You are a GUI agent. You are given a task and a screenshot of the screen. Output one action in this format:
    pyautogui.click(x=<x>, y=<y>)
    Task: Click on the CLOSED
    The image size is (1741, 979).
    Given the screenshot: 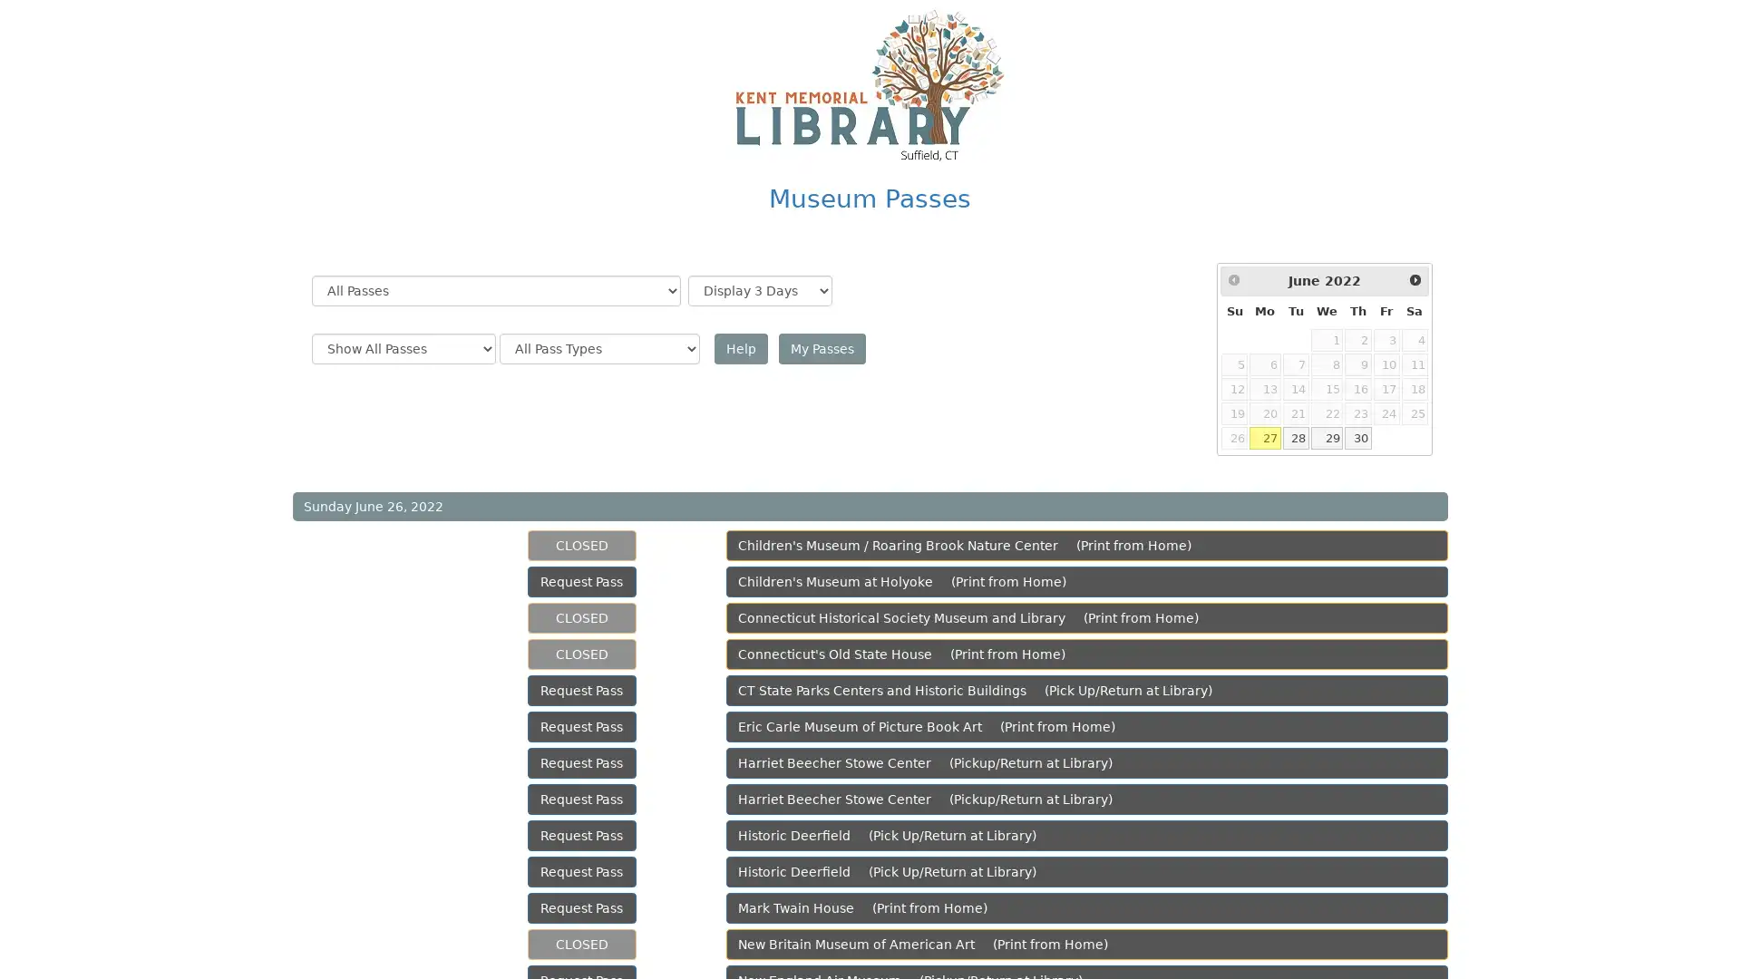 What is the action you would take?
    pyautogui.click(x=581, y=617)
    